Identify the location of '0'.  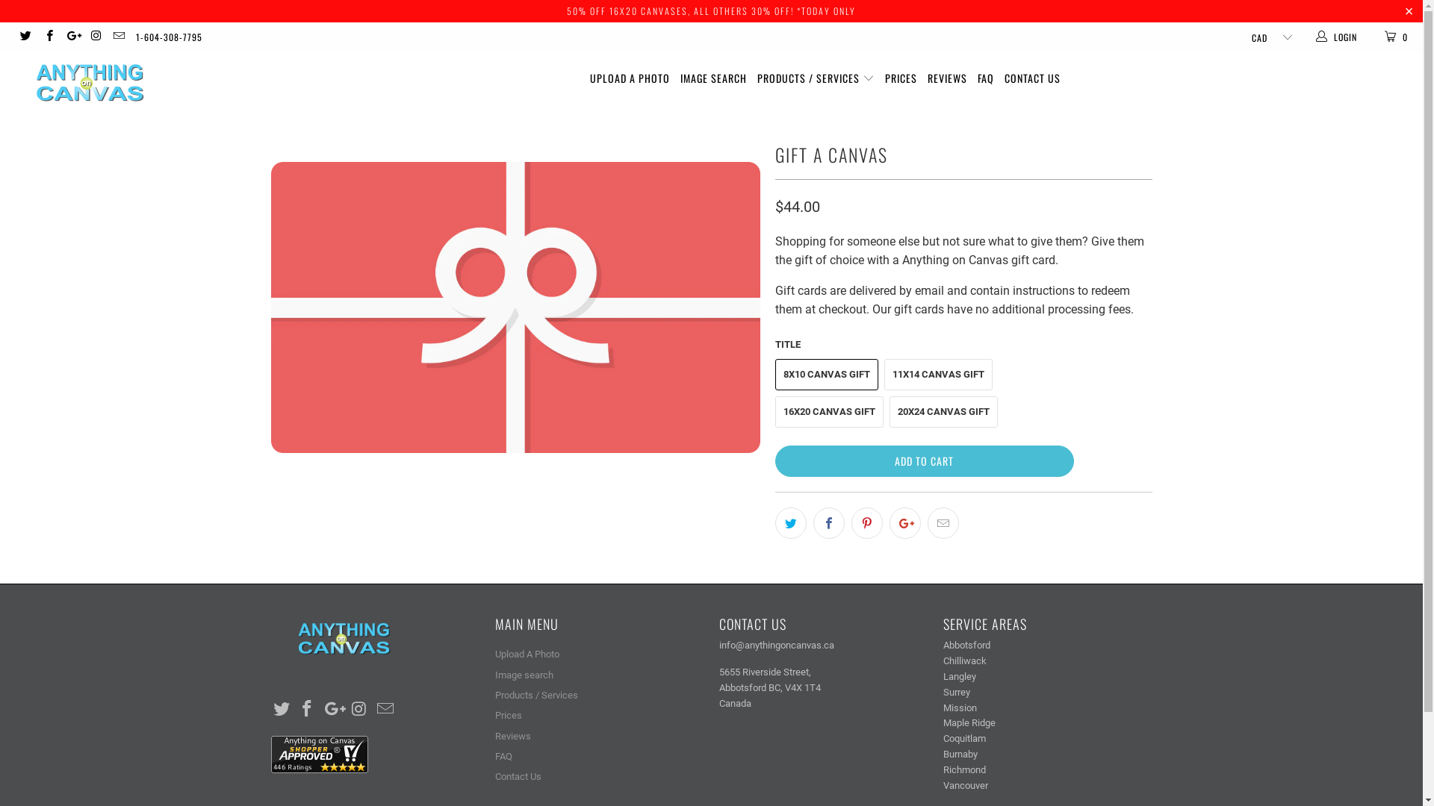
(1372, 37).